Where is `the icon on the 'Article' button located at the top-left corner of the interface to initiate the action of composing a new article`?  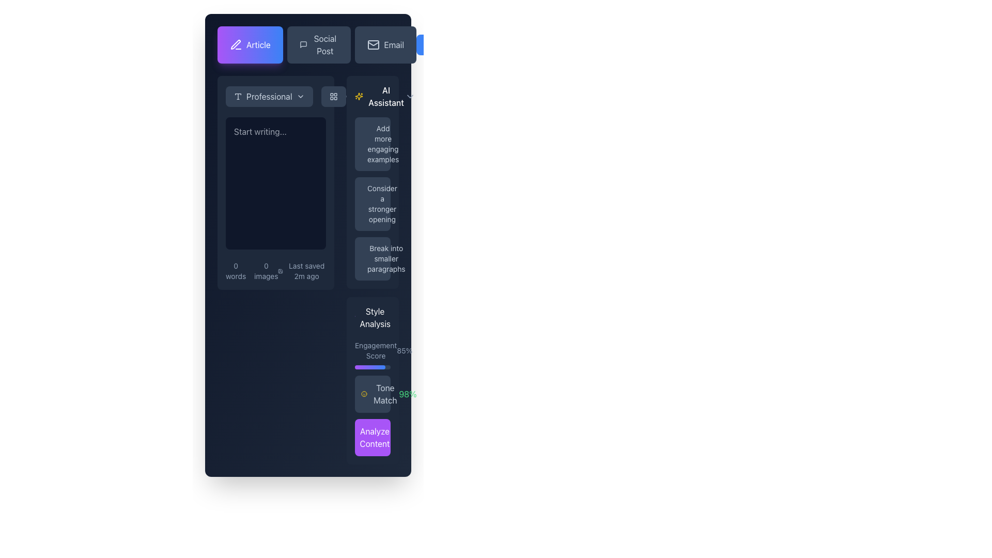
the icon on the 'Article' button located at the top-left corner of the interface to initiate the action of composing a new article is located at coordinates (235, 44).